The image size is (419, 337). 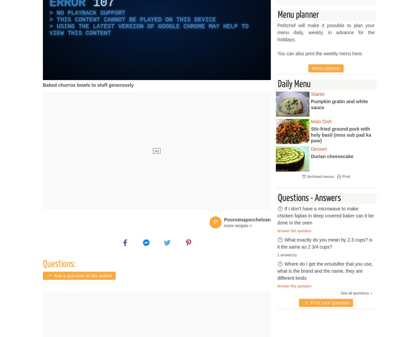 What do you see at coordinates (320, 53) in the screenshot?
I see `'You can also print the weekly menu here.'` at bounding box center [320, 53].